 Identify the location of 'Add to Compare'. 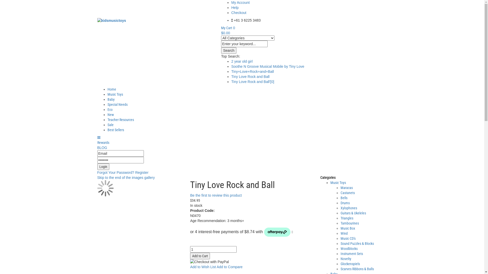
(229, 267).